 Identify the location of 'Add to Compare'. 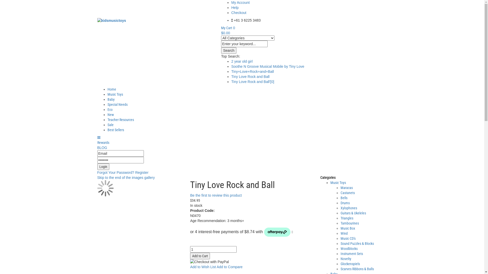
(229, 267).